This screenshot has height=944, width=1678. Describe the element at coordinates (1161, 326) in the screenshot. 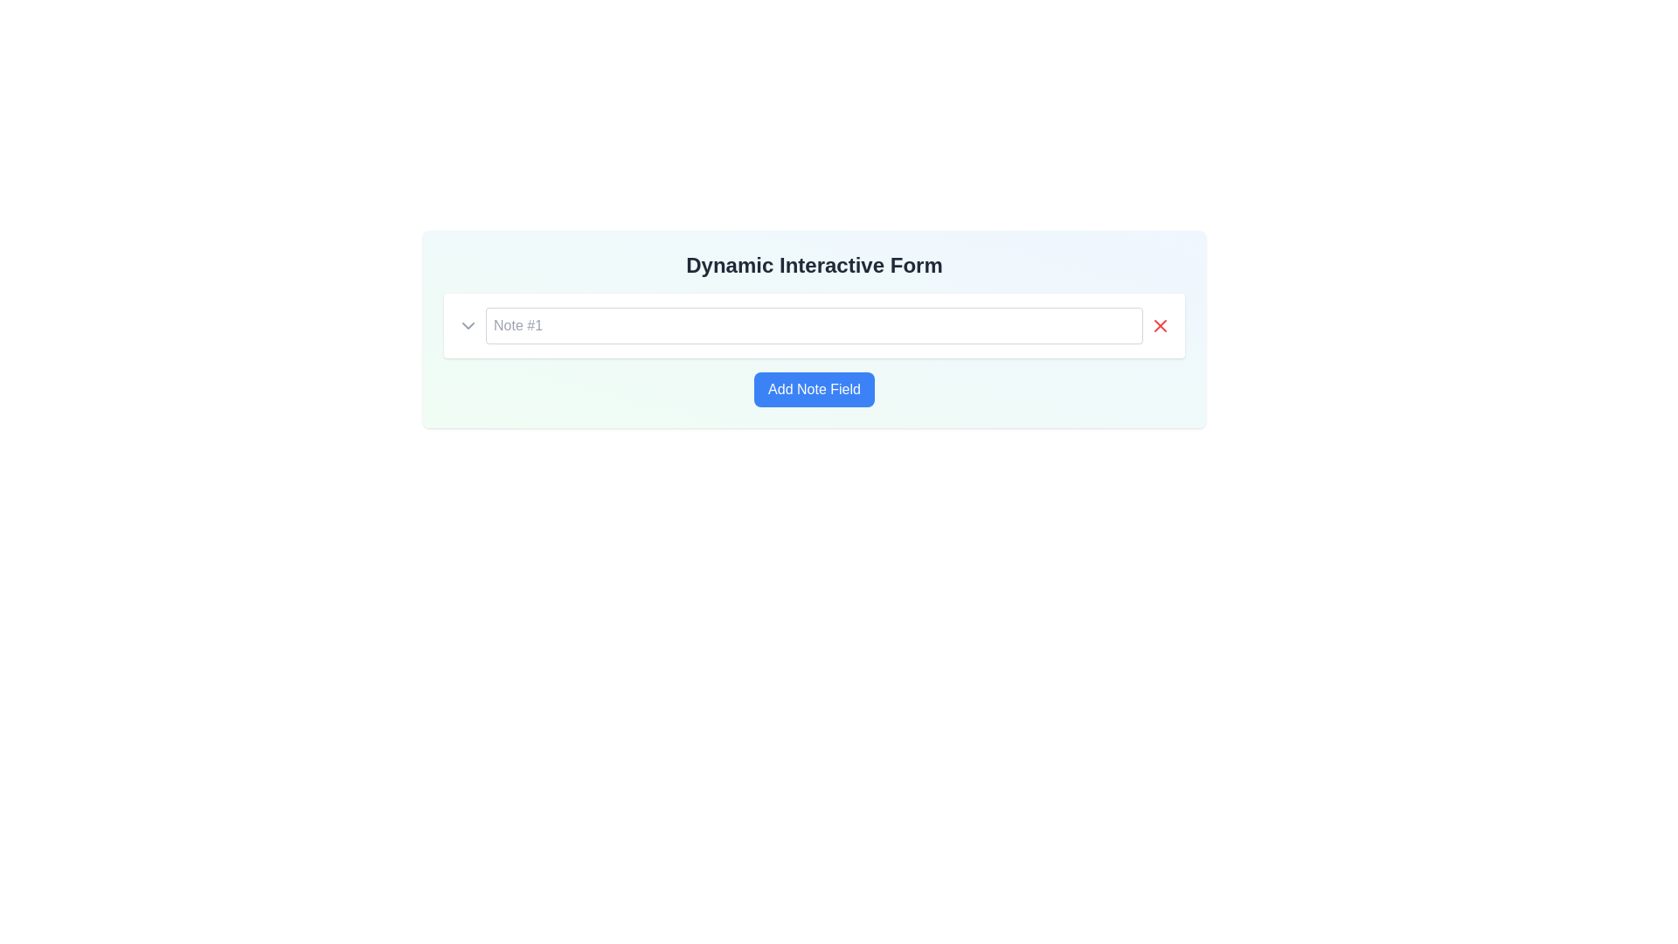

I see `the red 'X' button, styled as a circular button, located at the far right of the text input box with placeholder text 'Note #1'` at that location.